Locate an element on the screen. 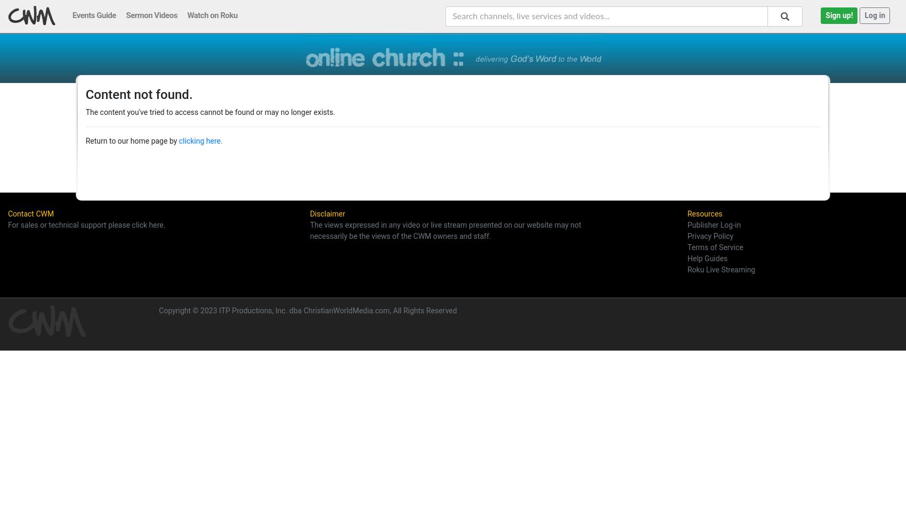  'Log in' is located at coordinates (874, 15).